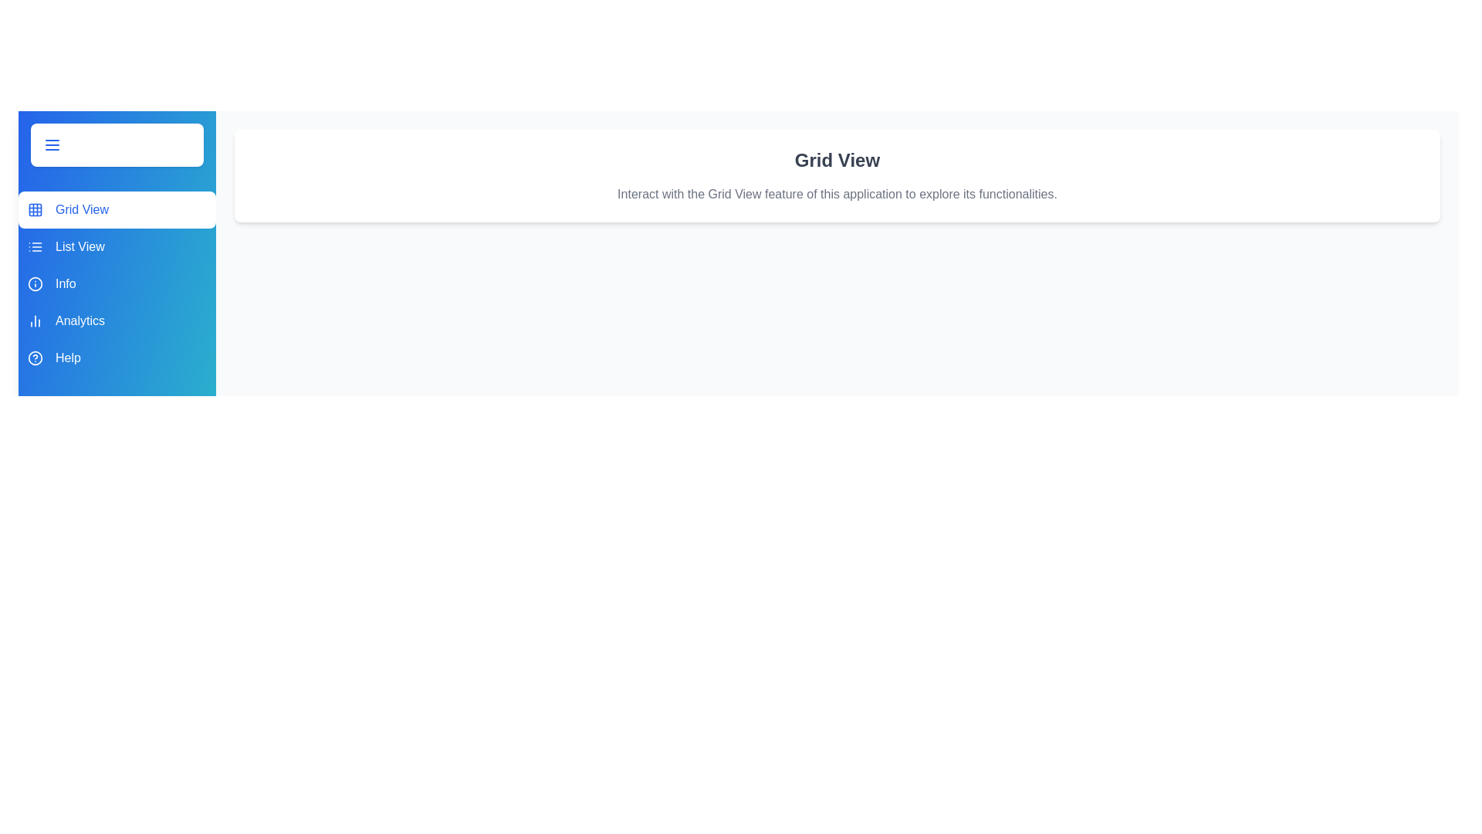 The width and height of the screenshot is (1482, 834). Describe the element at coordinates (117, 283) in the screenshot. I see `the feature Info from the sidebar menu` at that location.